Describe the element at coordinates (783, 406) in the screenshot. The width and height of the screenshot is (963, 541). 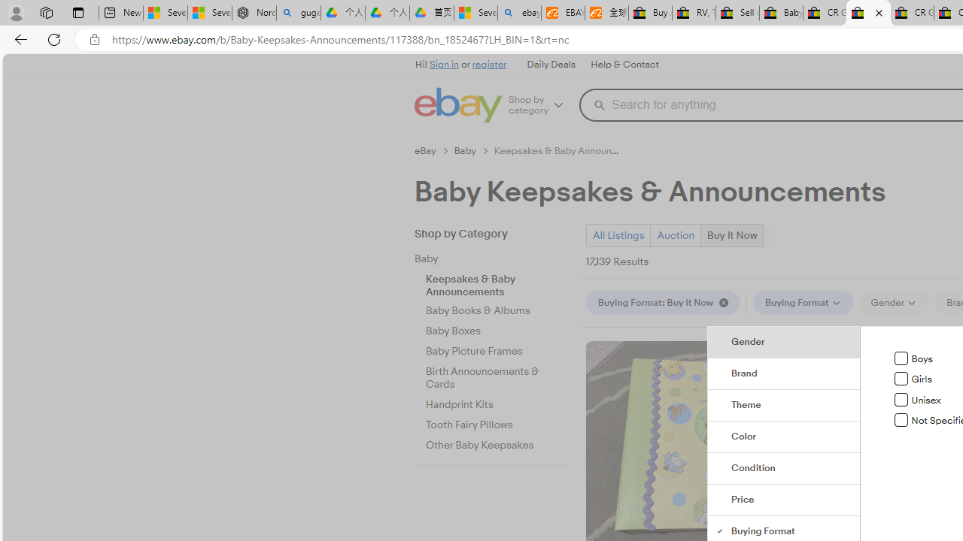
I see `'Theme'` at that location.